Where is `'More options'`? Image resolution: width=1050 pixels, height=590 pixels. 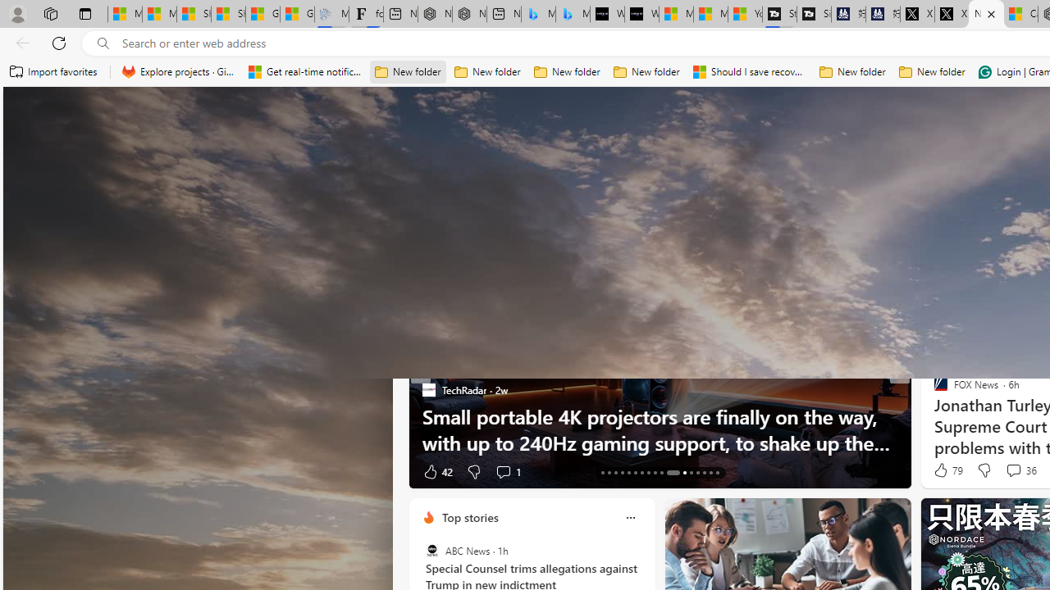
'More options' is located at coordinates (629, 517).